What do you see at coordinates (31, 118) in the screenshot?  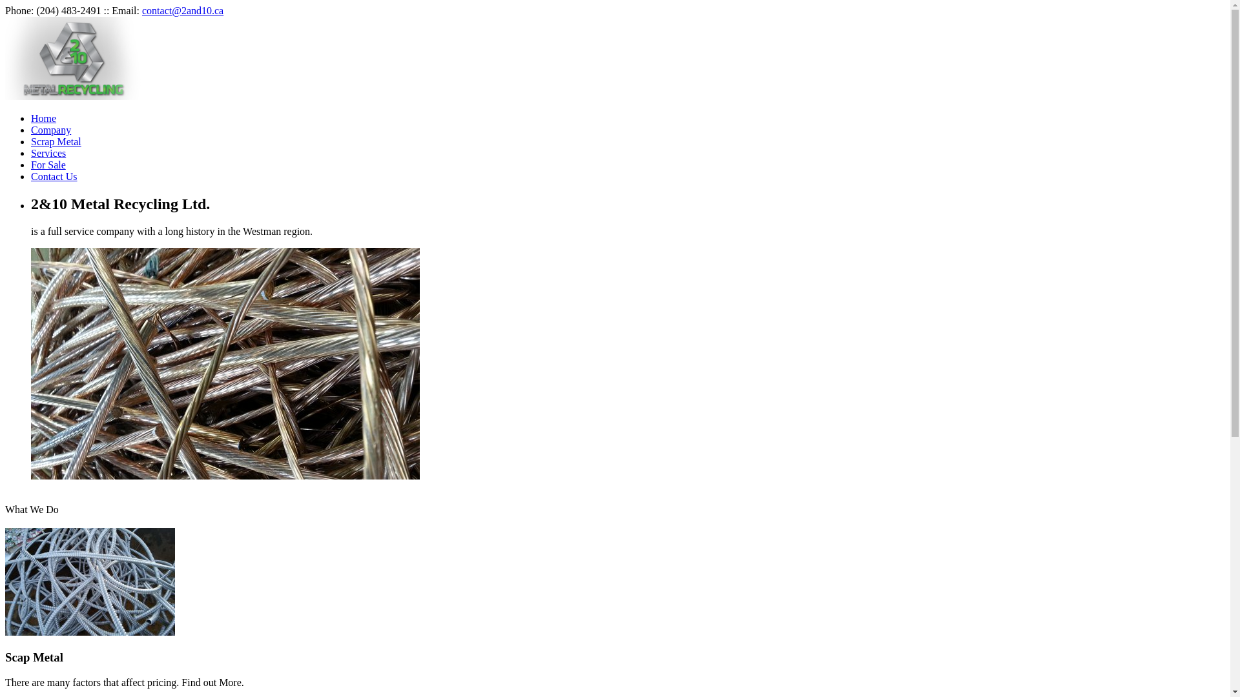 I see `'Home'` at bounding box center [31, 118].